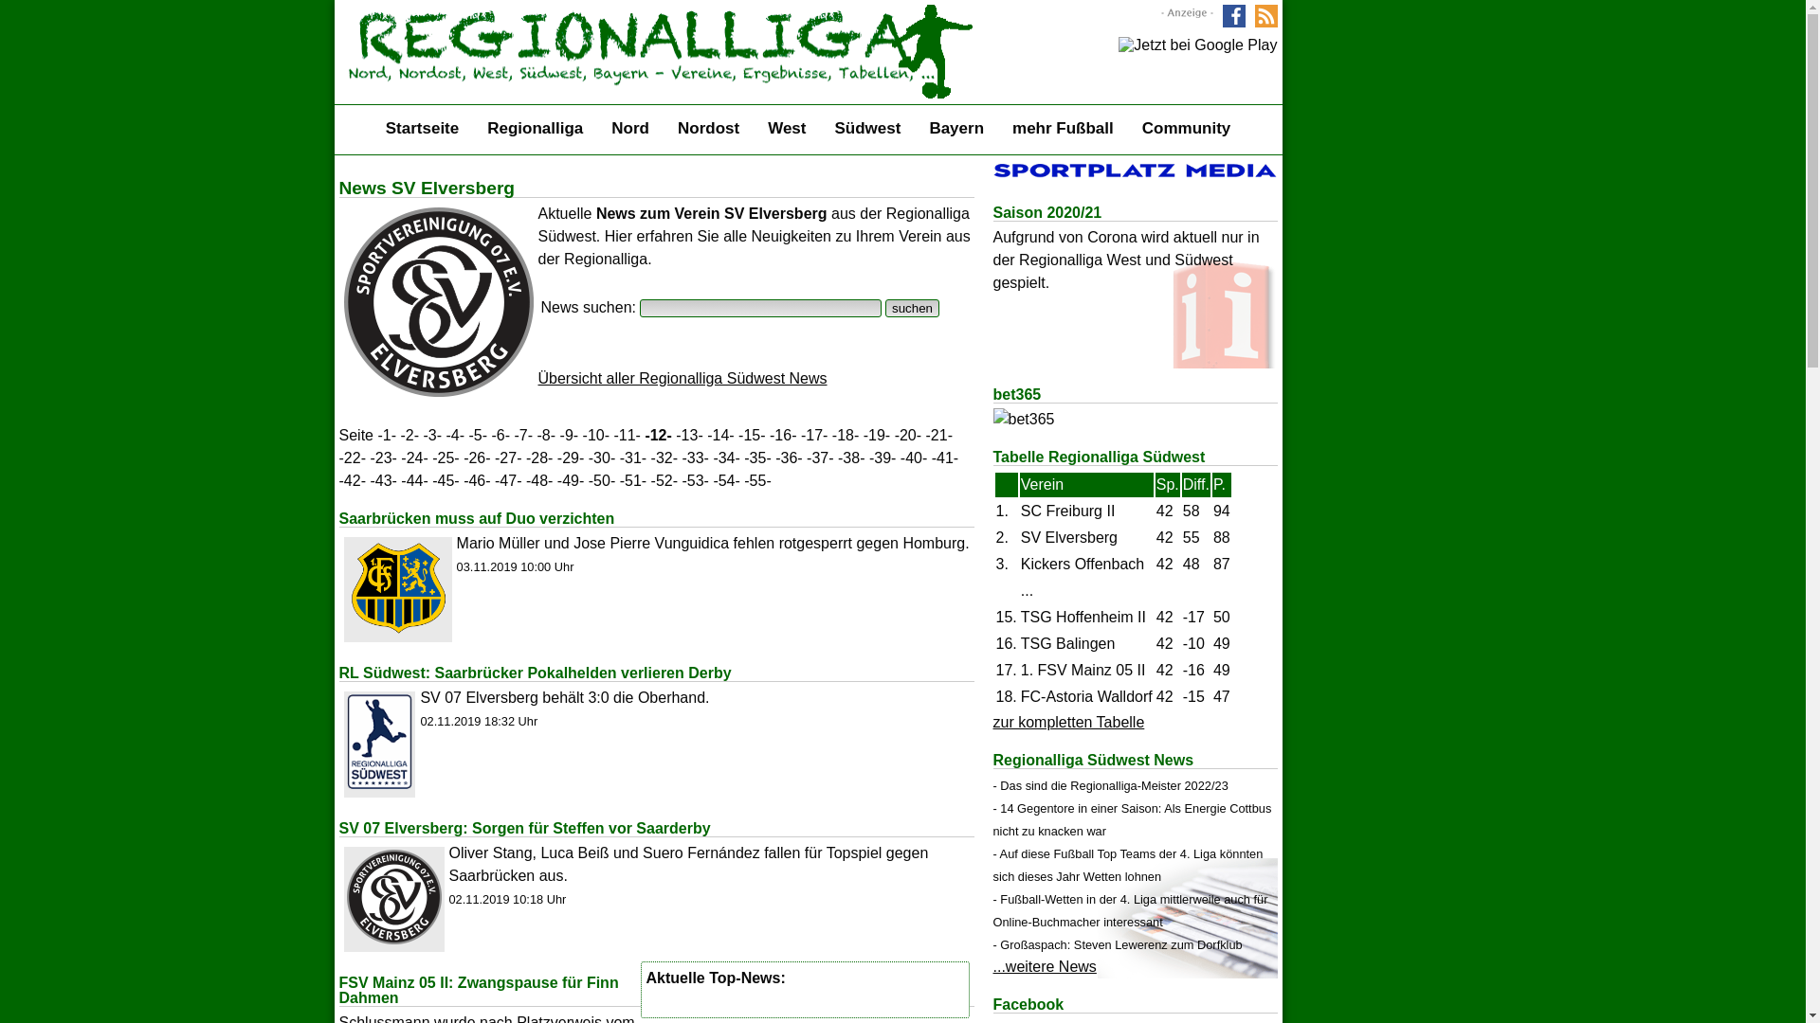  I want to click on '-49-', so click(569, 479).